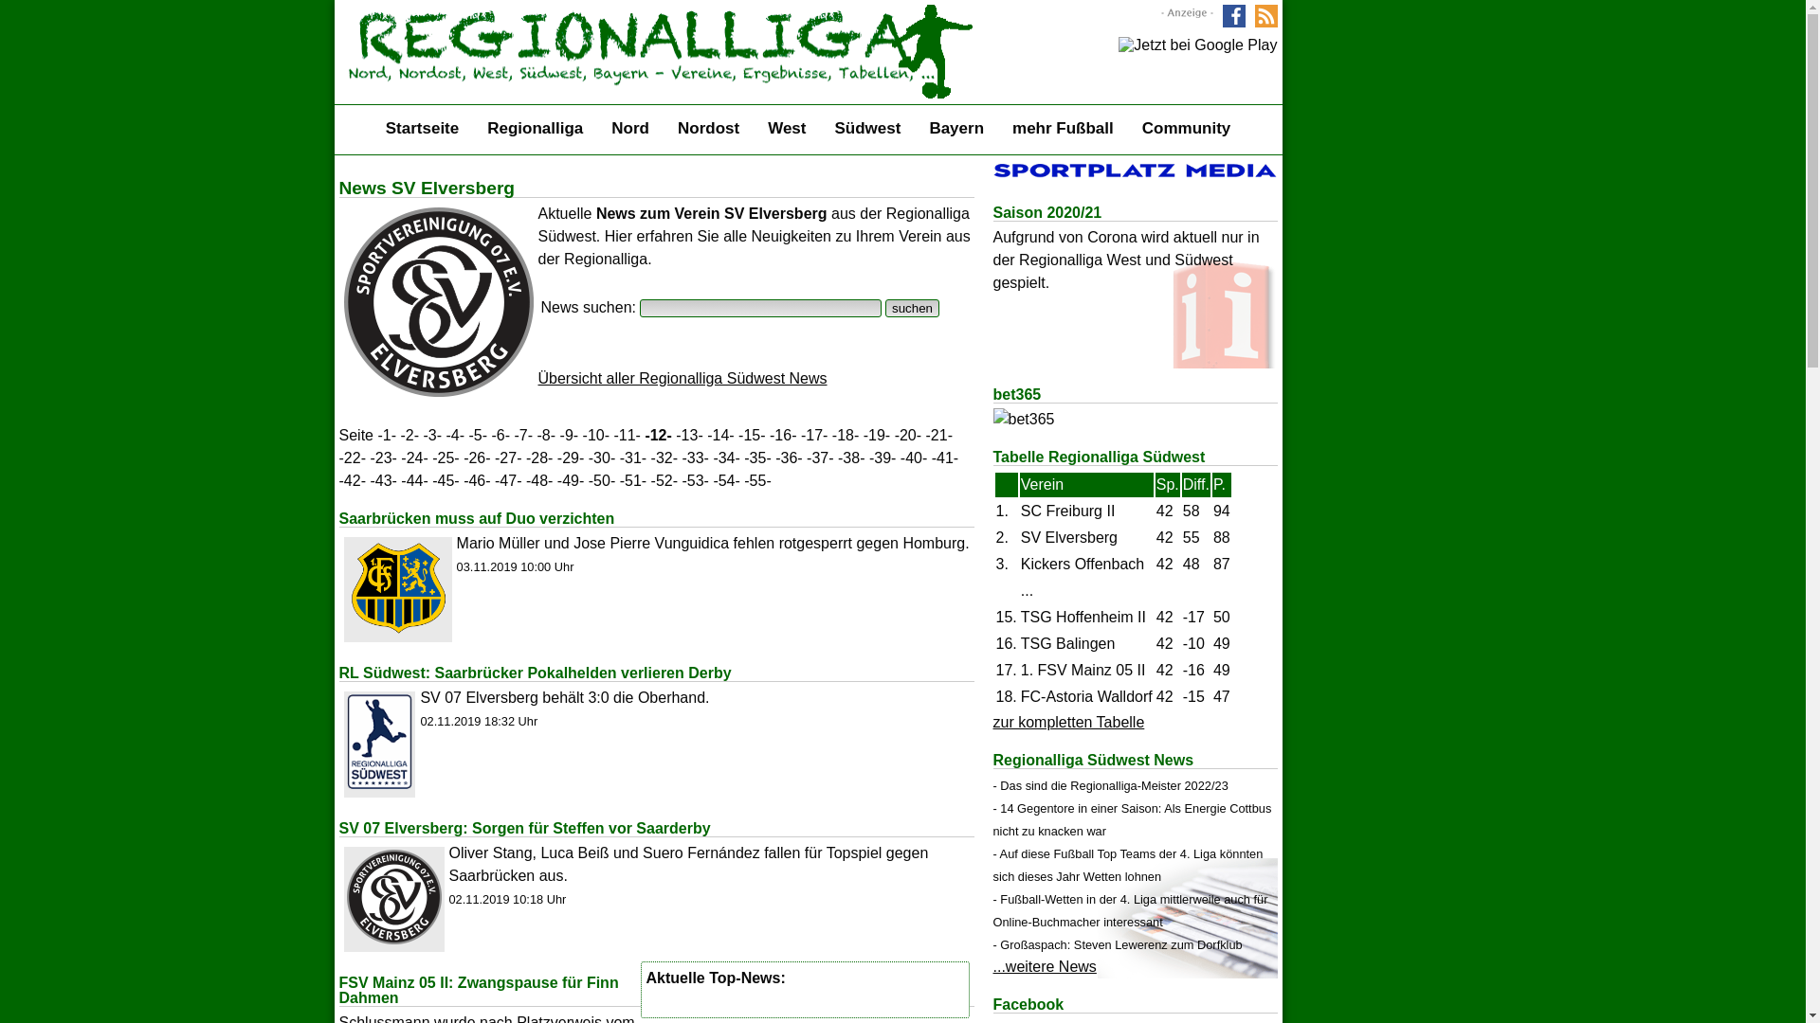  I want to click on '-49-', so click(569, 479).